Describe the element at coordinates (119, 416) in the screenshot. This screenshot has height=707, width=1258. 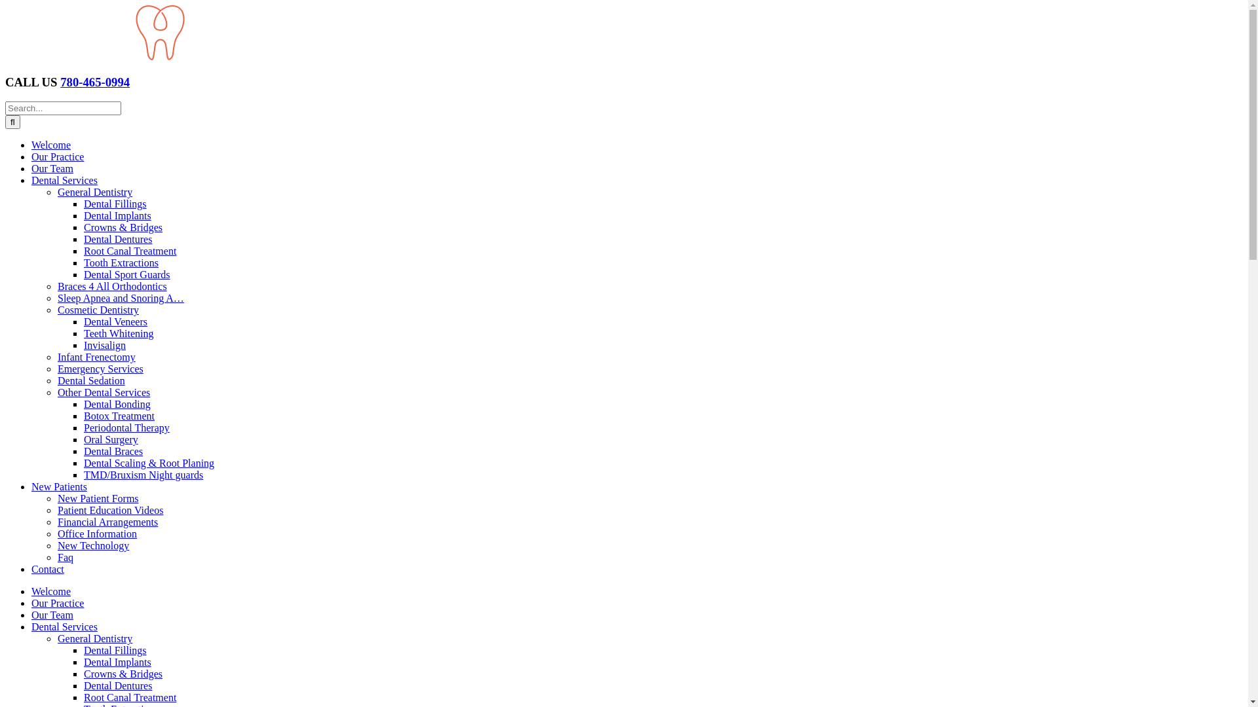
I see `'Botox Treatment'` at that location.